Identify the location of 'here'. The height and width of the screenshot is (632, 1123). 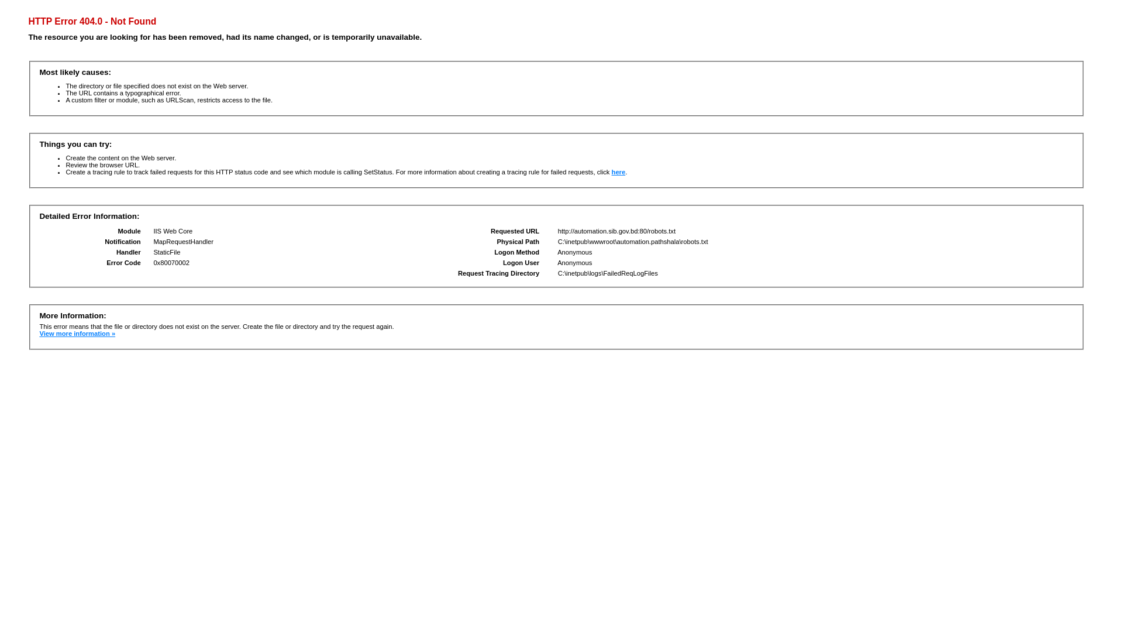
(618, 171).